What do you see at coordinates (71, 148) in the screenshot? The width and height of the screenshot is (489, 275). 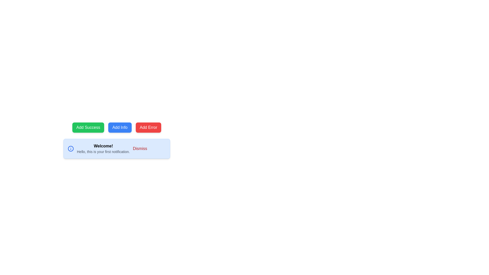 I see `the blue circular outline icon located inside the notification alert box, adjacent to the text that reads 'Welcome!'` at bounding box center [71, 148].